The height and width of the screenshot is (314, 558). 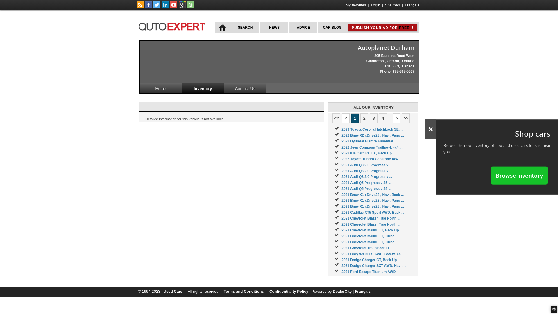 What do you see at coordinates (392, 5) in the screenshot?
I see `'Site map'` at bounding box center [392, 5].